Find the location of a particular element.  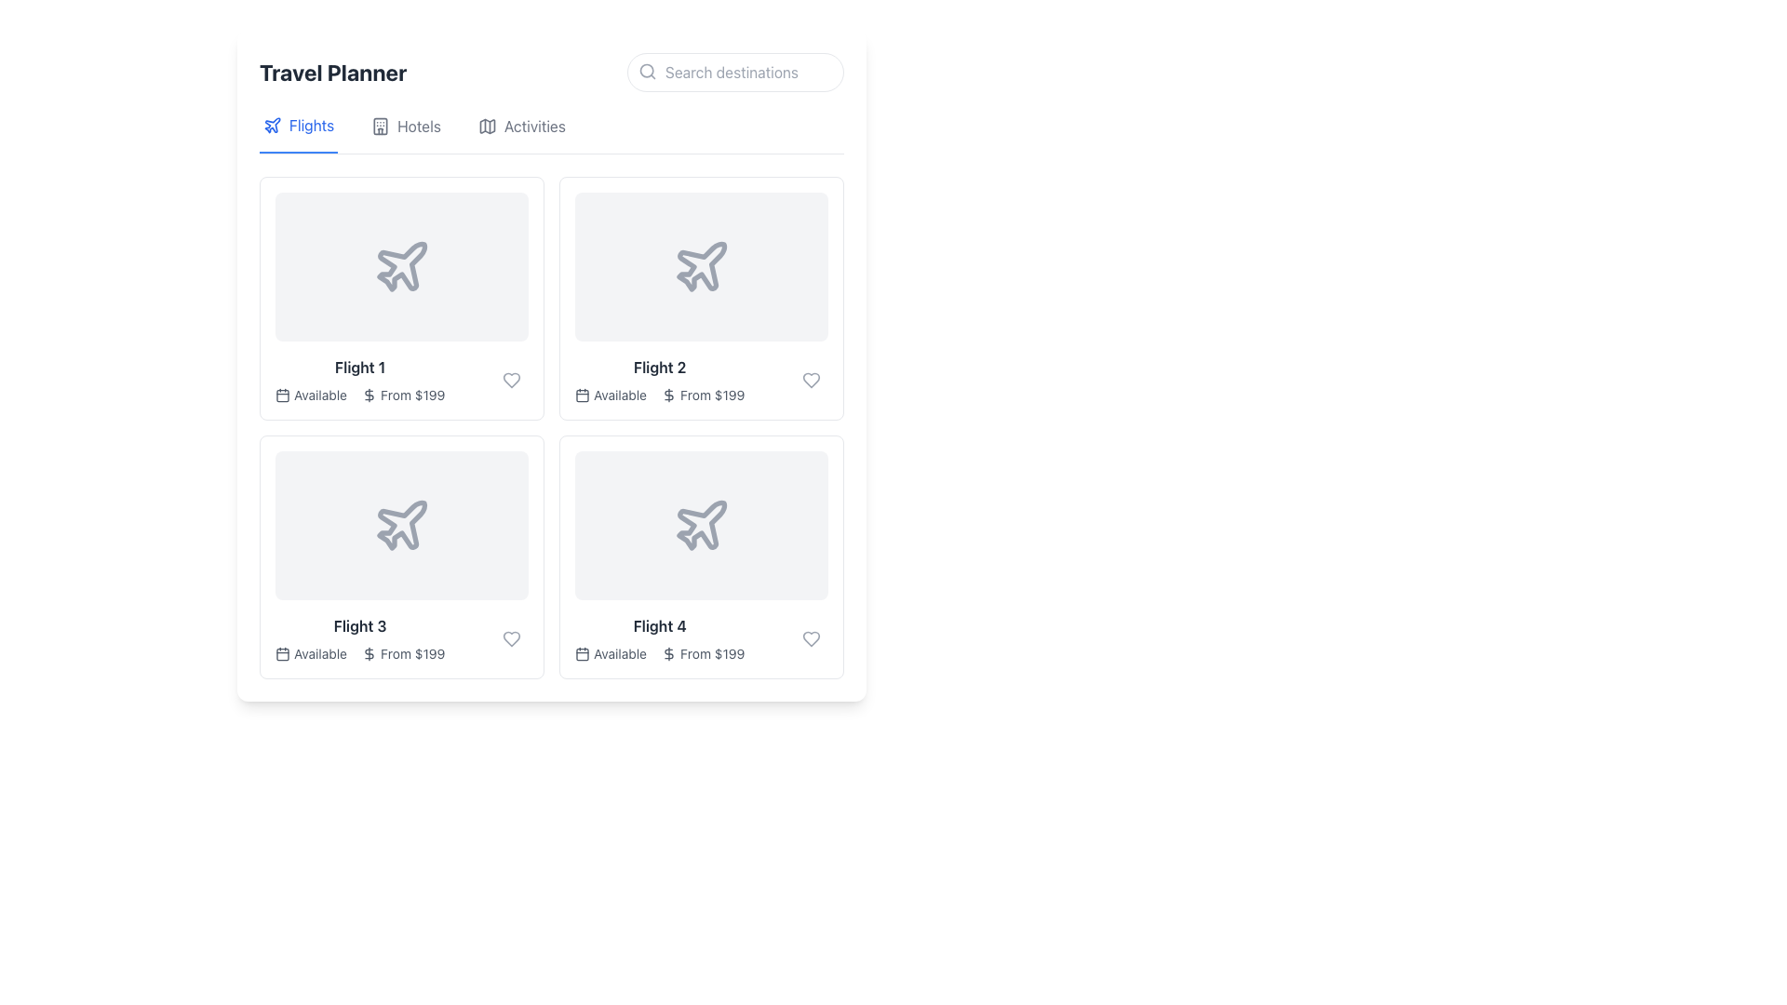

the text displaying the starting price for the 'Flight 2' item, located in the second column of the first row, directly below the 'Available' caption is located at coordinates (702, 394).